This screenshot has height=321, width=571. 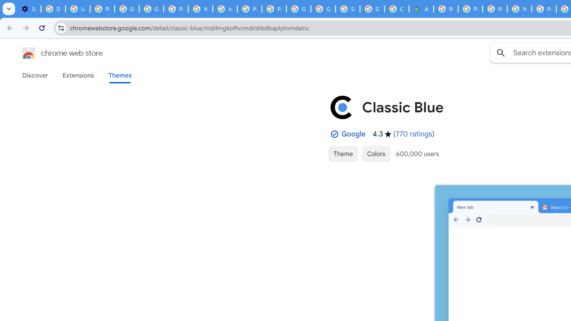 What do you see at coordinates (29, 9) in the screenshot?
I see `'Settings - On startup'` at bounding box center [29, 9].